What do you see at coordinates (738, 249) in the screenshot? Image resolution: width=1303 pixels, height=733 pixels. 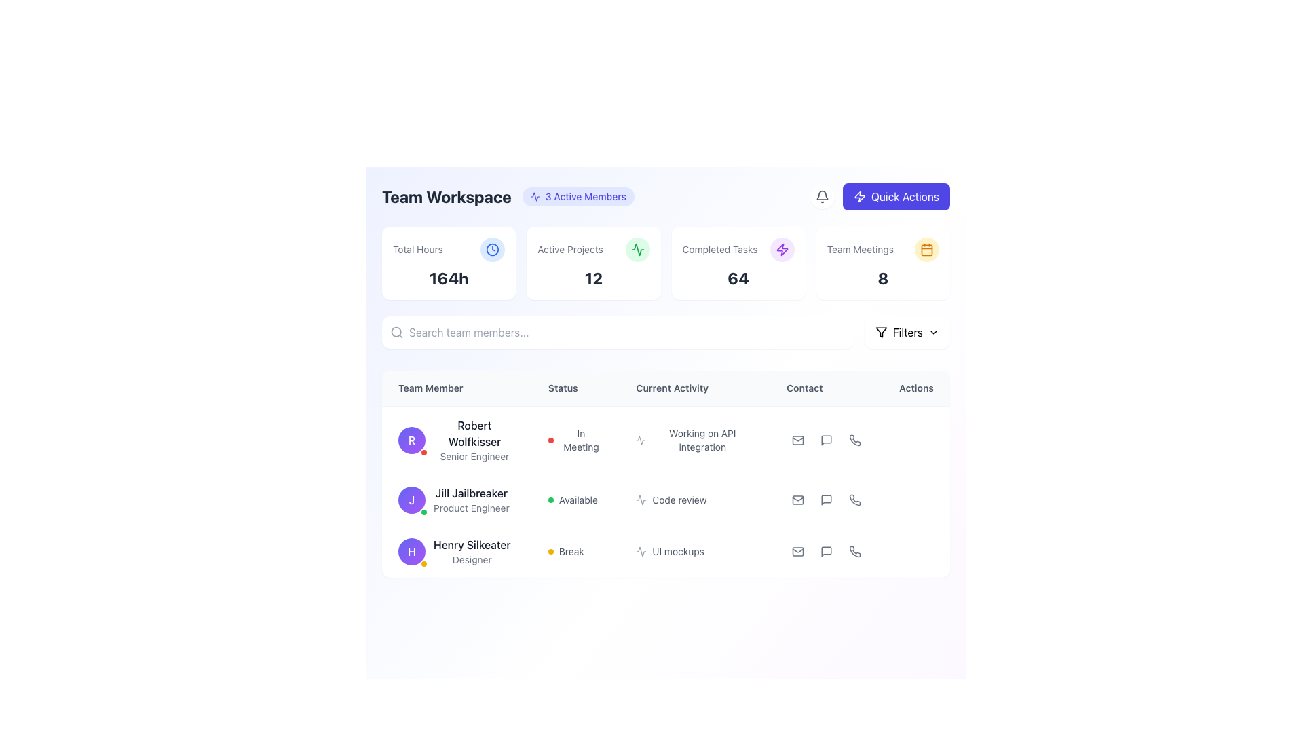 I see `the Static Text Header with Icon that summarizes the count of completed tasks, located in the third box from the left in the summary cards` at bounding box center [738, 249].